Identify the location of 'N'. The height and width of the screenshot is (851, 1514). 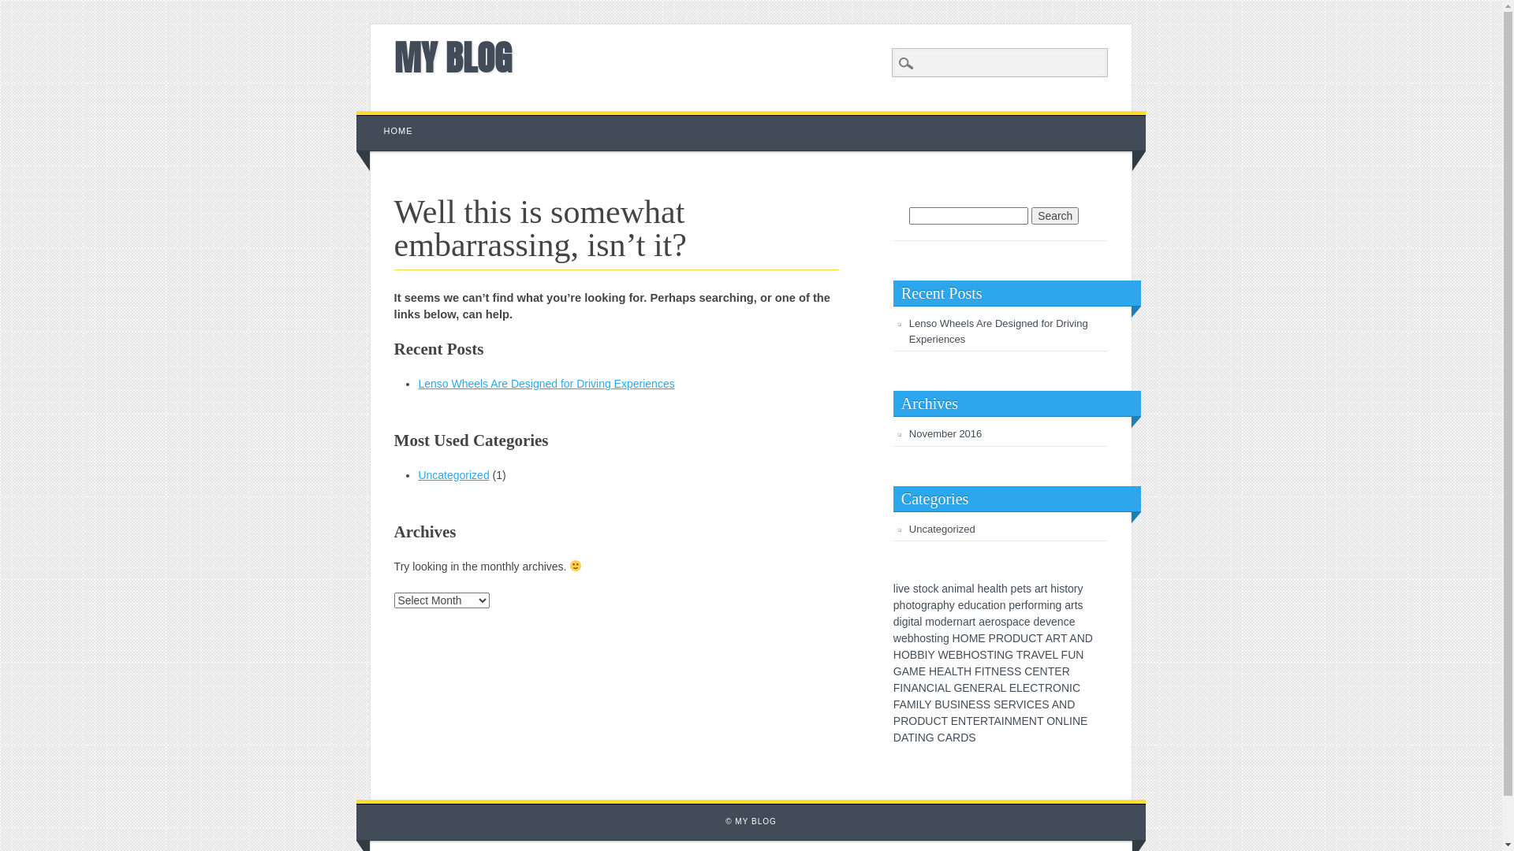
(1063, 704).